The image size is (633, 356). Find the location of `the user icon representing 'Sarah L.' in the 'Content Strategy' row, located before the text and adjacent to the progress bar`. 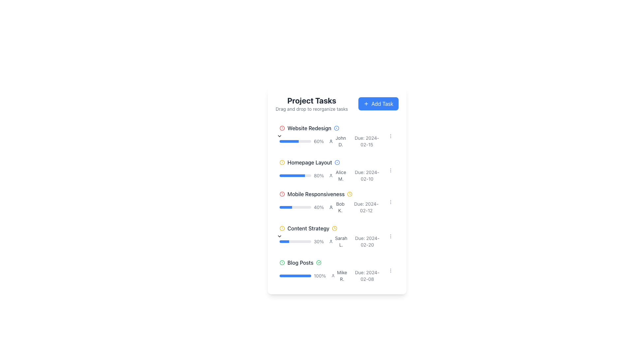

the user icon representing 'Sarah L.' in the 'Content Strategy' row, located before the text and adjacent to the progress bar is located at coordinates (331, 241).